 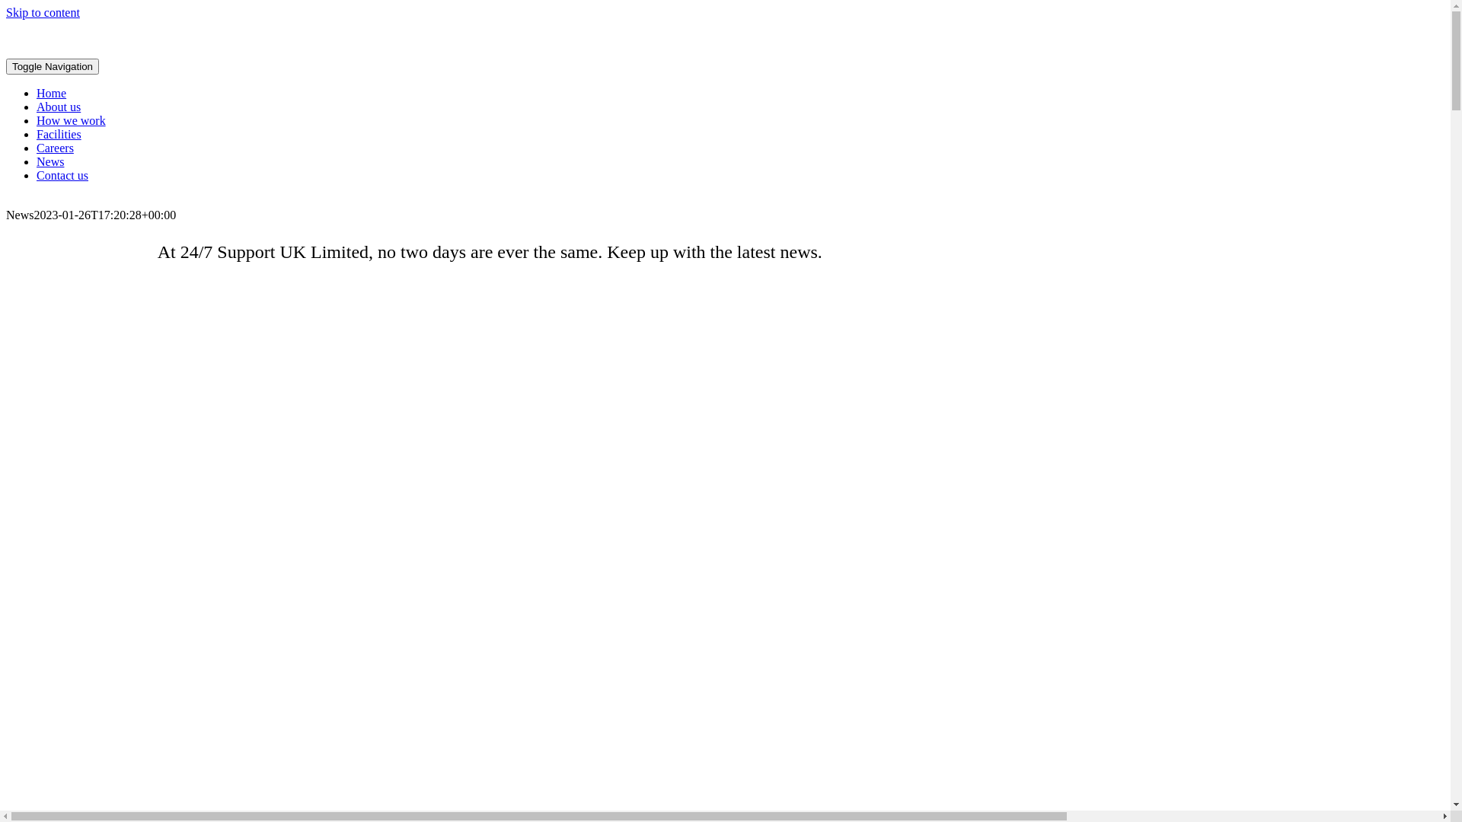 I want to click on 'Home', so click(x=51, y=93).